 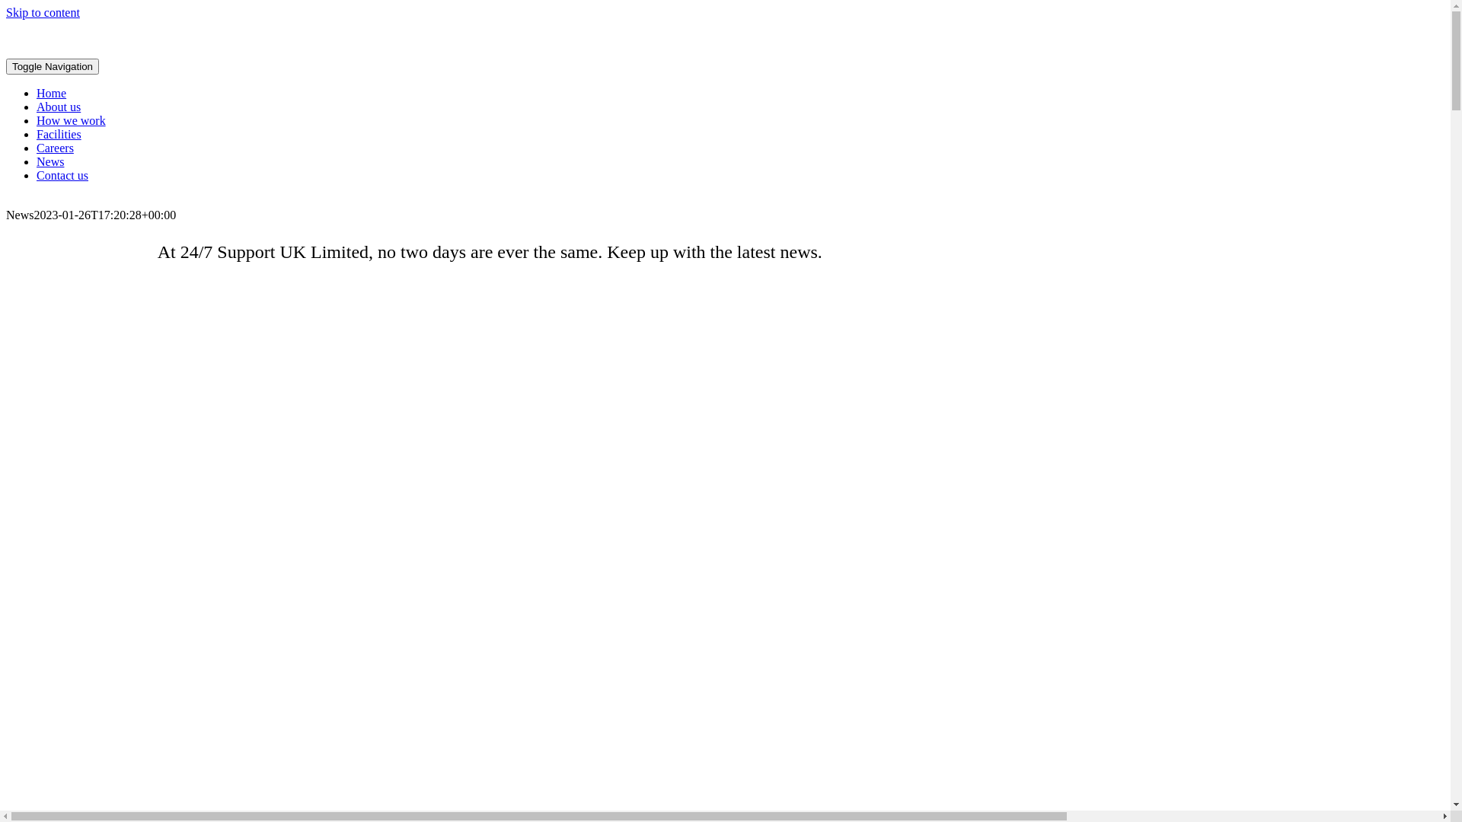 I want to click on 'Home', so click(x=51, y=93).